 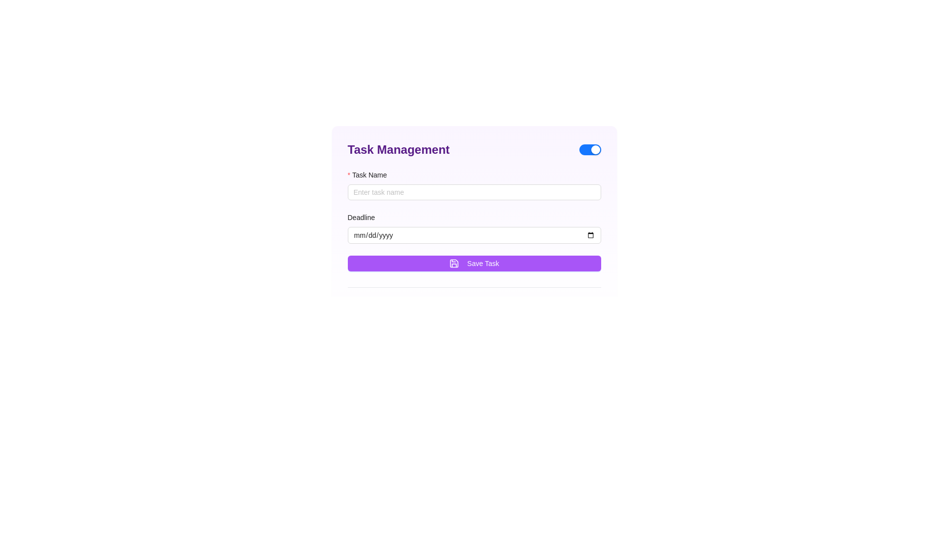 I want to click on the Text label indicating the task's name in the Task Management form, which is located above the associated input field, so click(x=370, y=175).